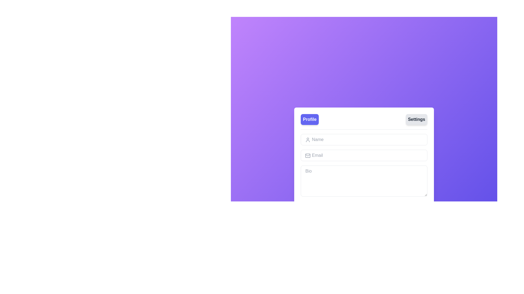 The image size is (524, 294). I want to click on the Email input field, which is the second input in a vertically stacked form, so click(364, 155).